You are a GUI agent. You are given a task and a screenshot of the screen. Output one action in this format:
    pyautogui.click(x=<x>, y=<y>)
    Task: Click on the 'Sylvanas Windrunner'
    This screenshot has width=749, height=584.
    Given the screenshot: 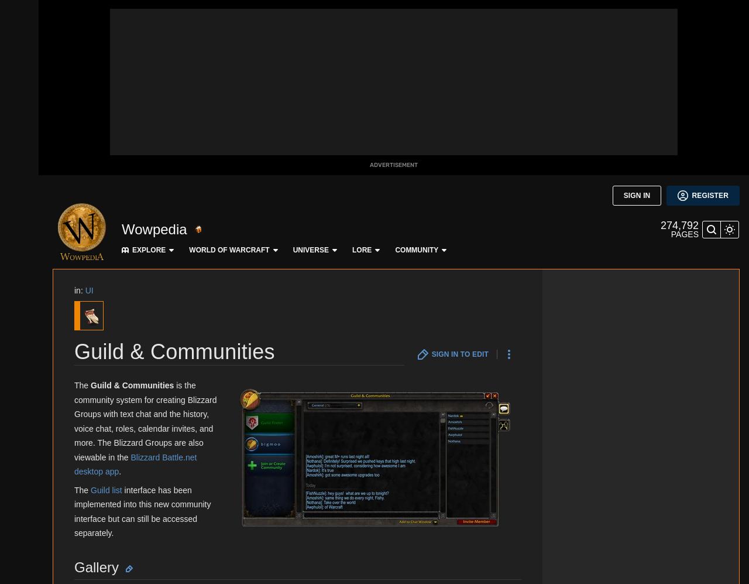 What is the action you would take?
    pyautogui.click(x=630, y=190)
    